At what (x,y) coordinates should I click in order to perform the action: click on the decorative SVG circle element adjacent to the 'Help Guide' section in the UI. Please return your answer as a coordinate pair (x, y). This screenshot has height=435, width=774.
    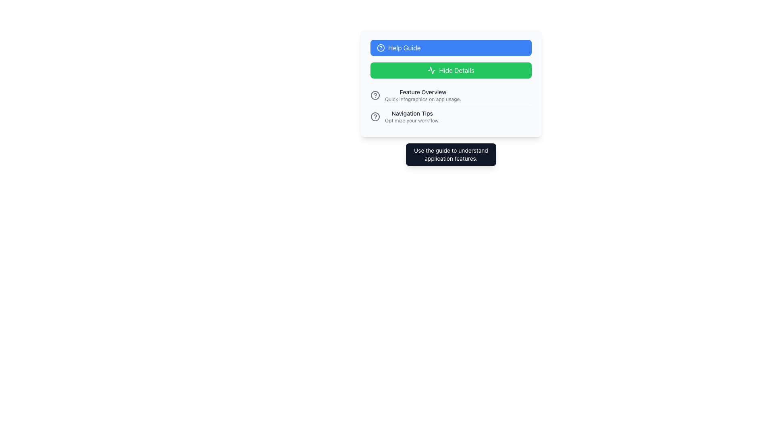
    Looking at the image, I should click on (375, 116).